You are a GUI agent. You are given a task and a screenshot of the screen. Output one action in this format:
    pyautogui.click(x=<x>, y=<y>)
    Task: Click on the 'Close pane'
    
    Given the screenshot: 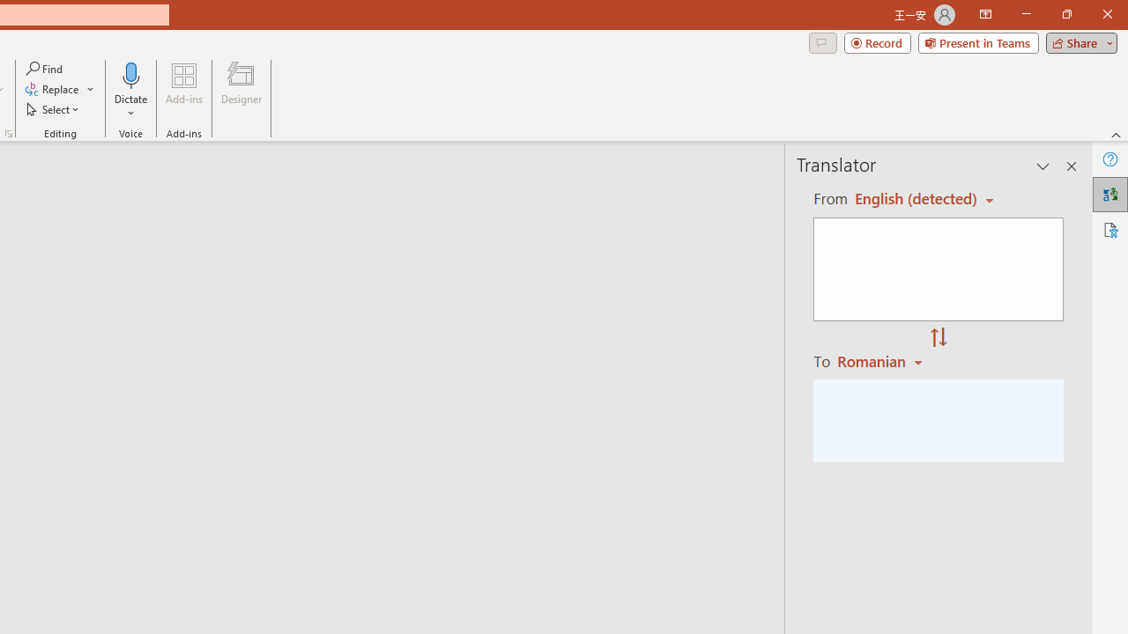 What is the action you would take?
    pyautogui.click(x=1071, y=166)
    